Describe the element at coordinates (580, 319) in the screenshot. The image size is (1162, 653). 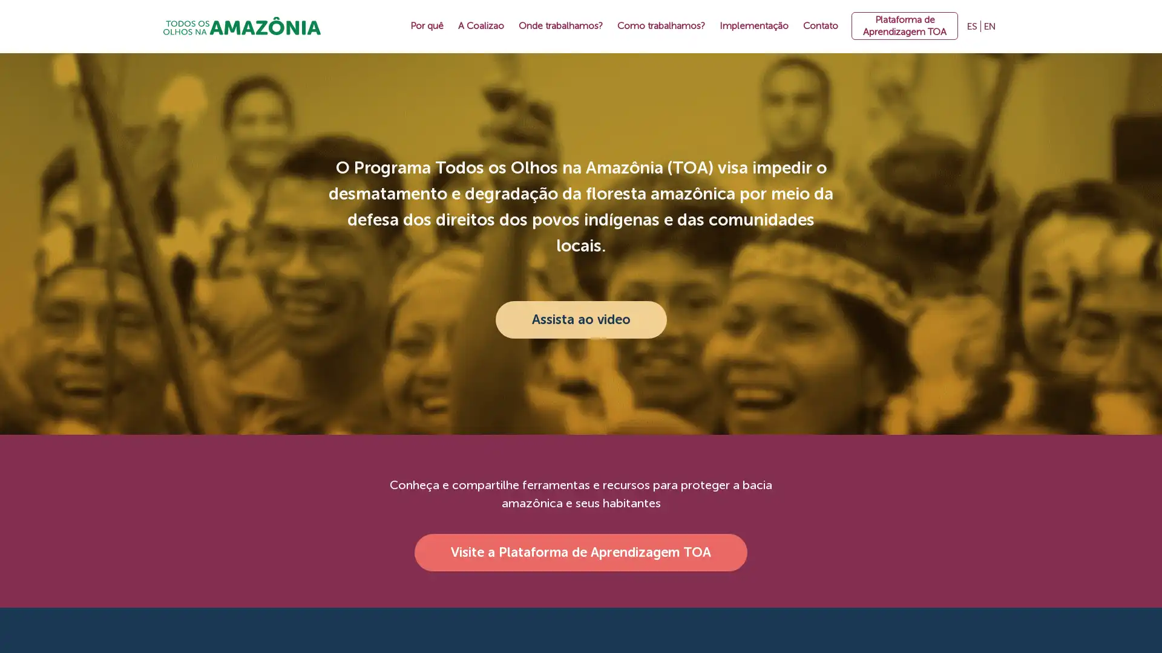
I see `Assista ao video` at that location.